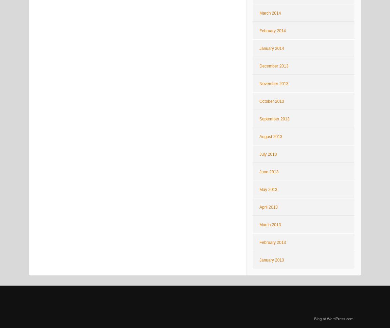 Image resolution: width=390 pixels, height=328 pixels. I want to click on 'January 2014', so click(271, 48).